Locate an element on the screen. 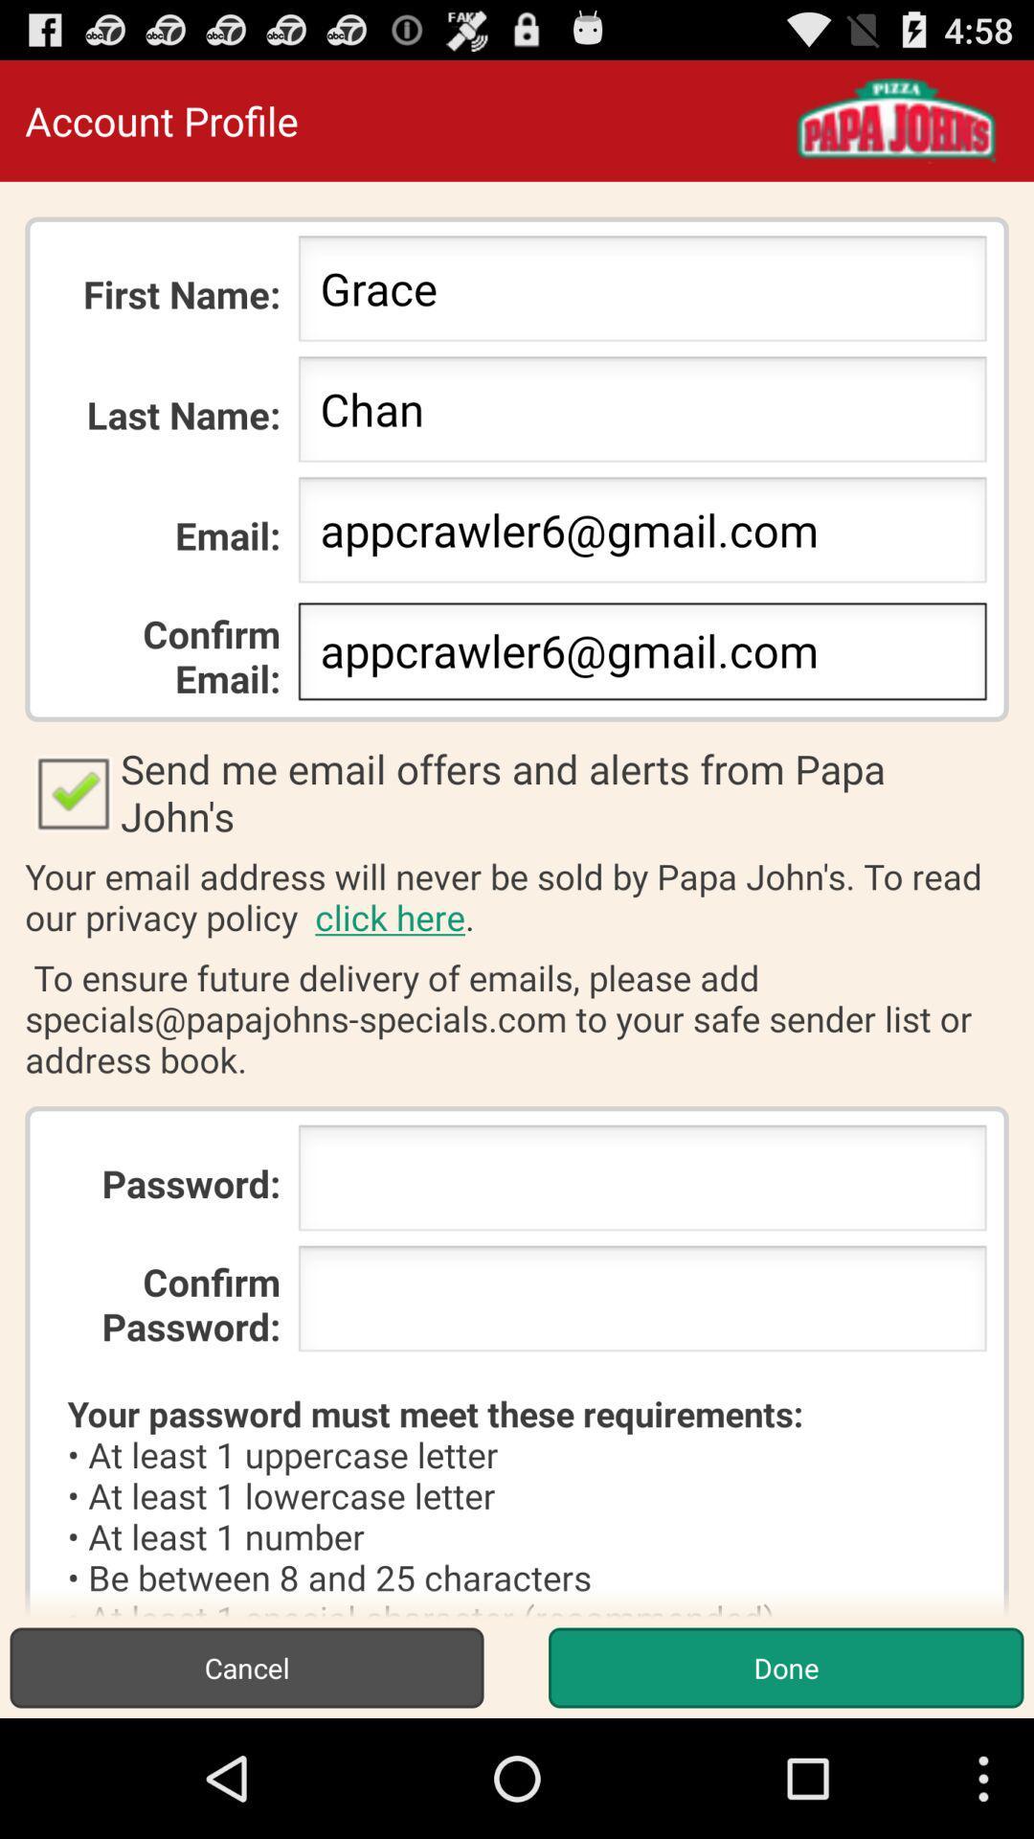  icon to the right of the last name: item is located at coordinates (642, 414).